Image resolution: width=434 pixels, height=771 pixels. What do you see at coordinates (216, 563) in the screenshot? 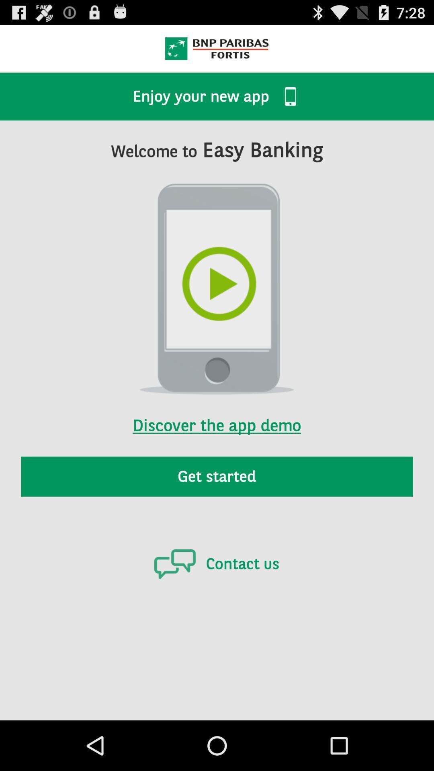
I see `the contact us` at bounding box center [216, 563].